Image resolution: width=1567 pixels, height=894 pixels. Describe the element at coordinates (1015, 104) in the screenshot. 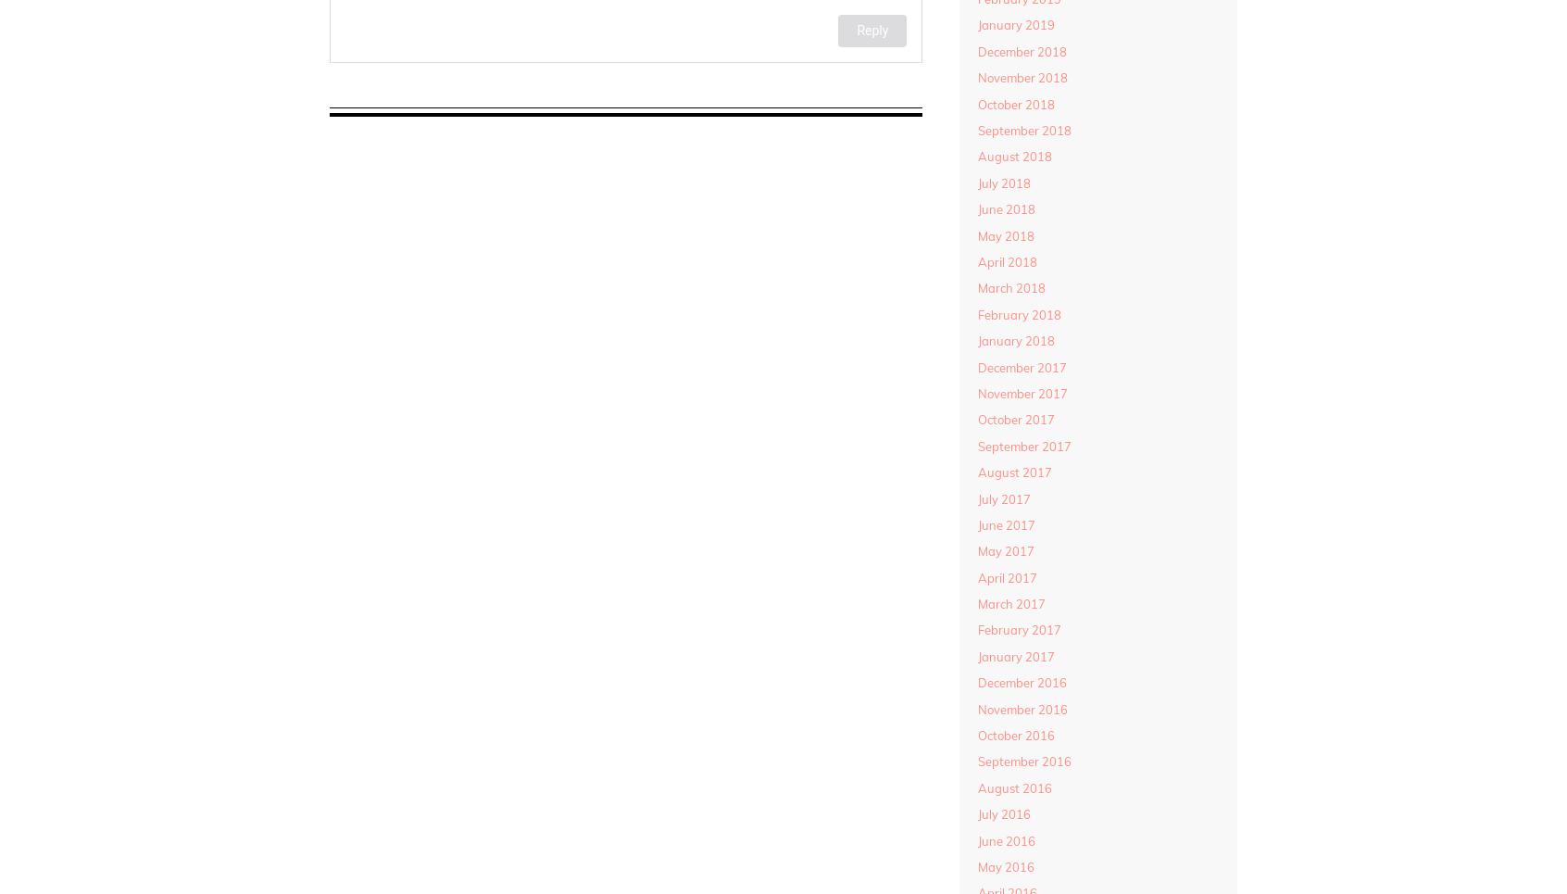

I see `'October 2018'` at that location.